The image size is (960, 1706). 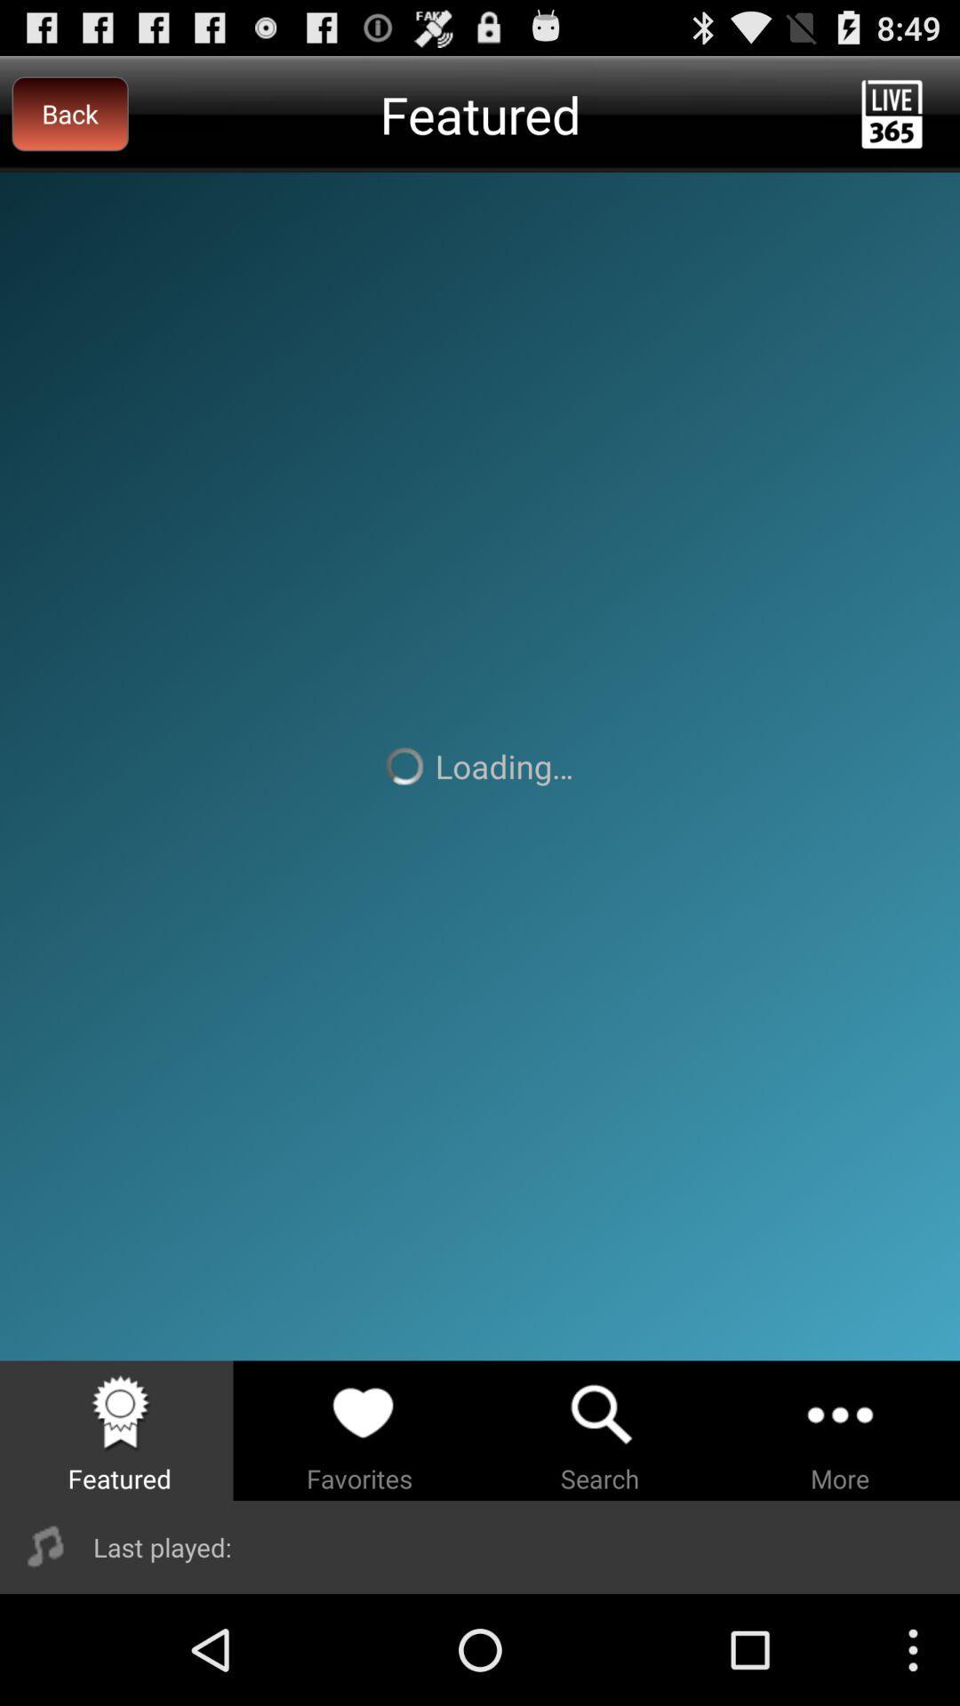 I want to click on the item next to featured item, so click(x=69, y=113).